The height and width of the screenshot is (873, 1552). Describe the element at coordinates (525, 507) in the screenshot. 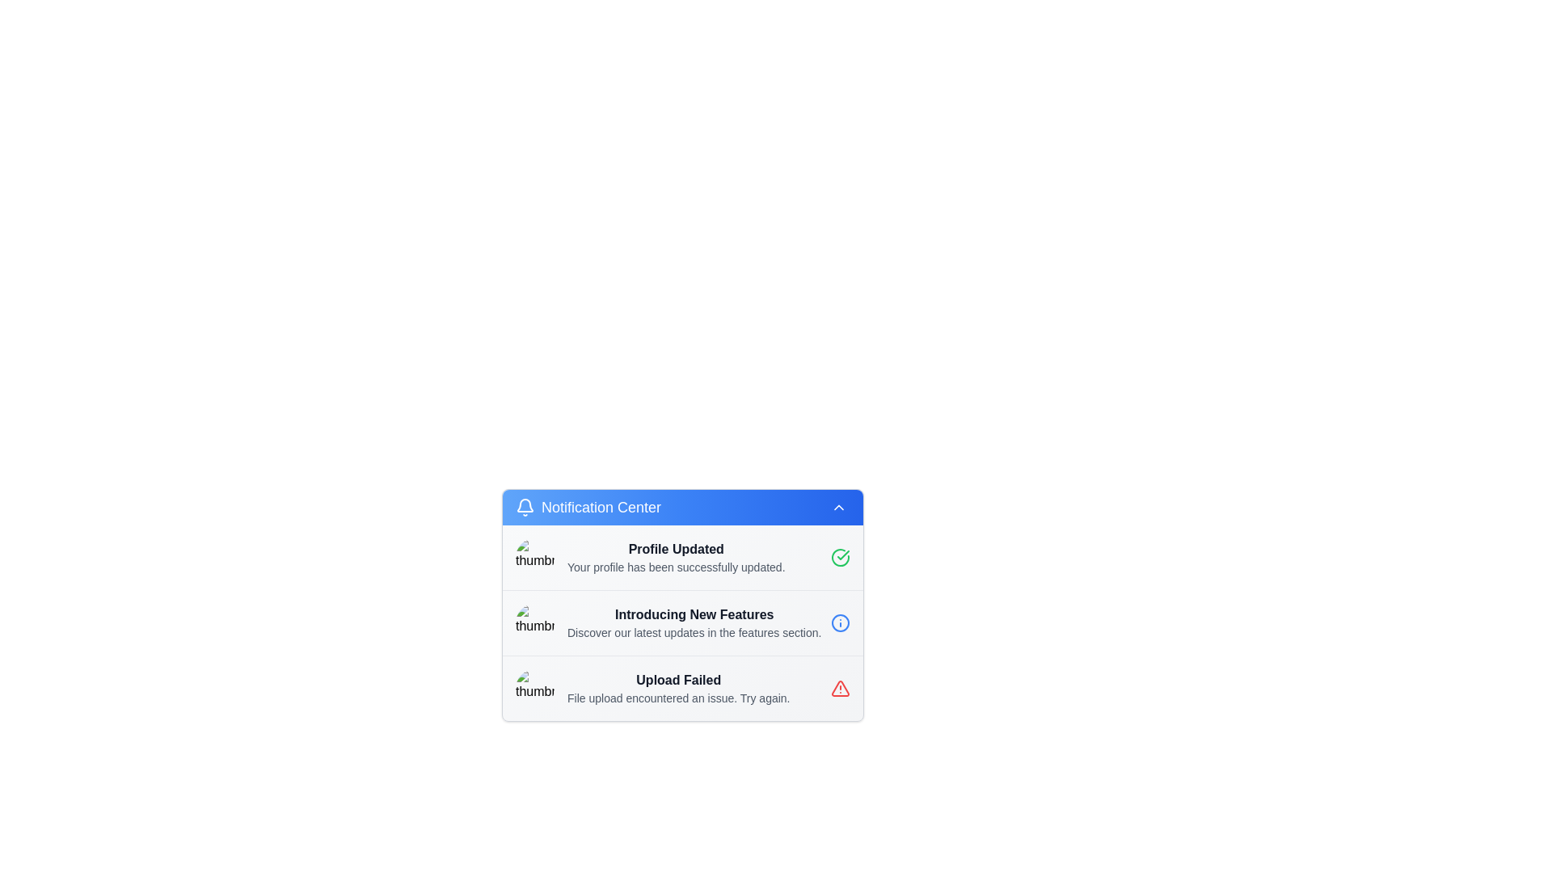

I see `the Notification Bell icon, which is styled to represent notifications and is located on the left side of the 'Notification Center' header` at that location.